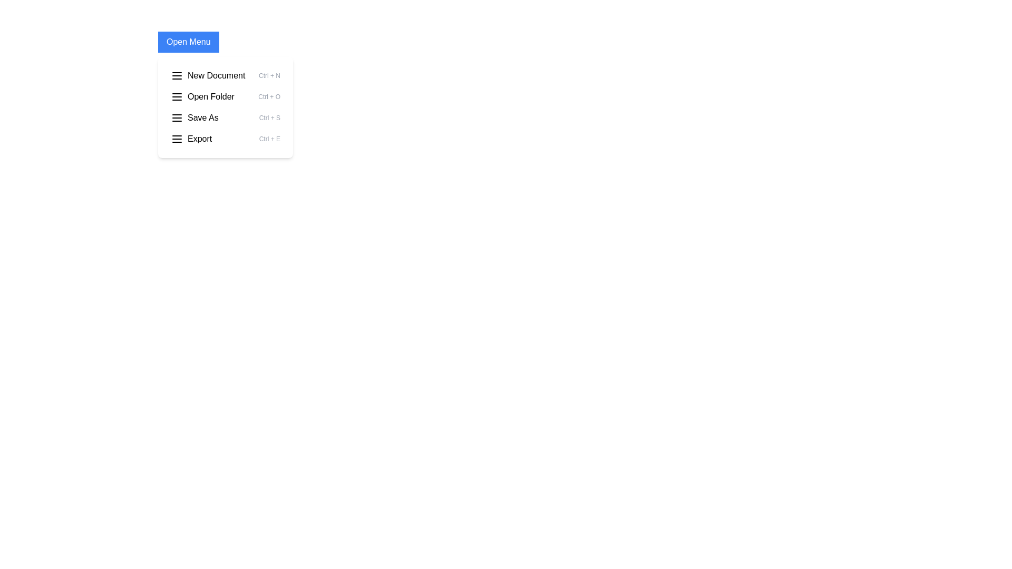  What do you see at coordinates (194, 117) in the screenshot?
I see `the 'Save As' Menu Item, which features a three-line icon next to the text label, positioned as the third entry in a vertical menu` at bounding box center [194, 117].